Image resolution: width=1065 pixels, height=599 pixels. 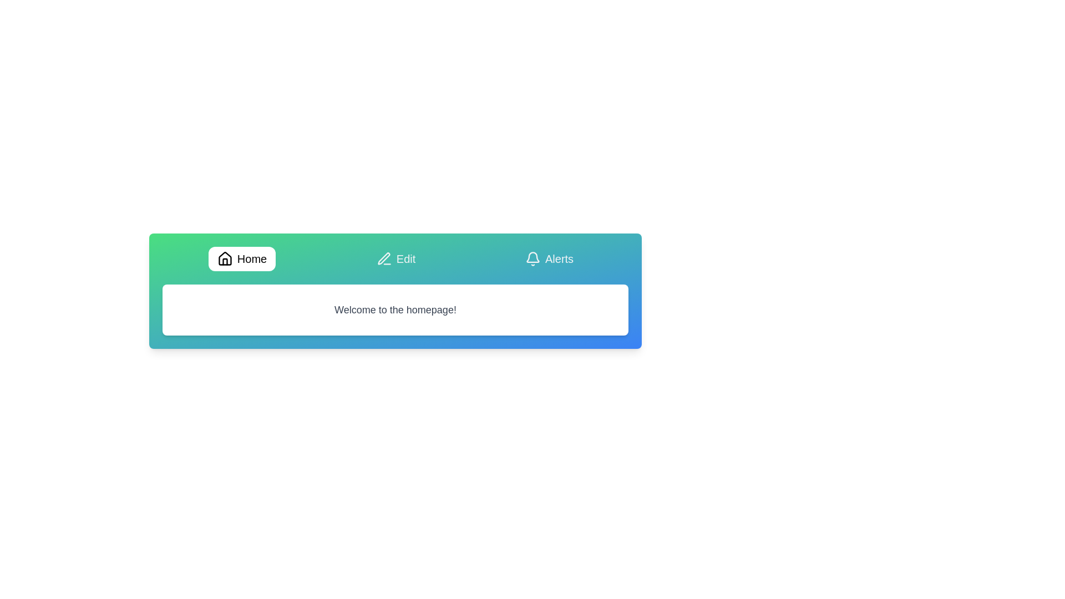 I want to click on the tab labeled Home to view its content, so click(x=241, y=258).